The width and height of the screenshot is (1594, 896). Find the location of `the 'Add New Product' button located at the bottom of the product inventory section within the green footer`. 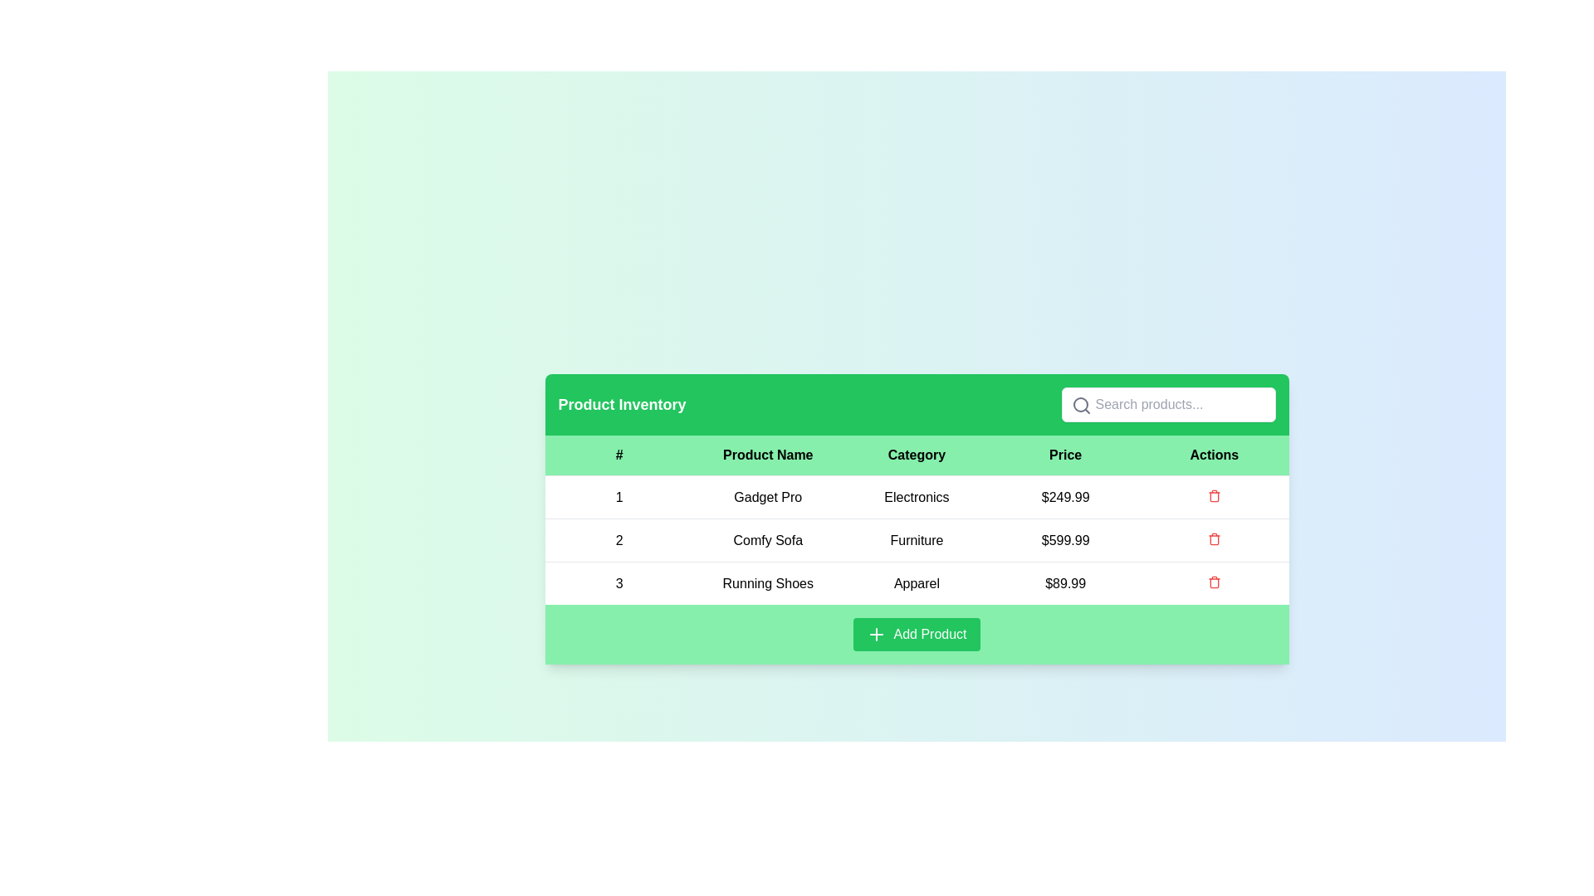

the 'Add New Product' button located at the bottom of the product inventory section within the green footer is located at coordinates (916, 634).